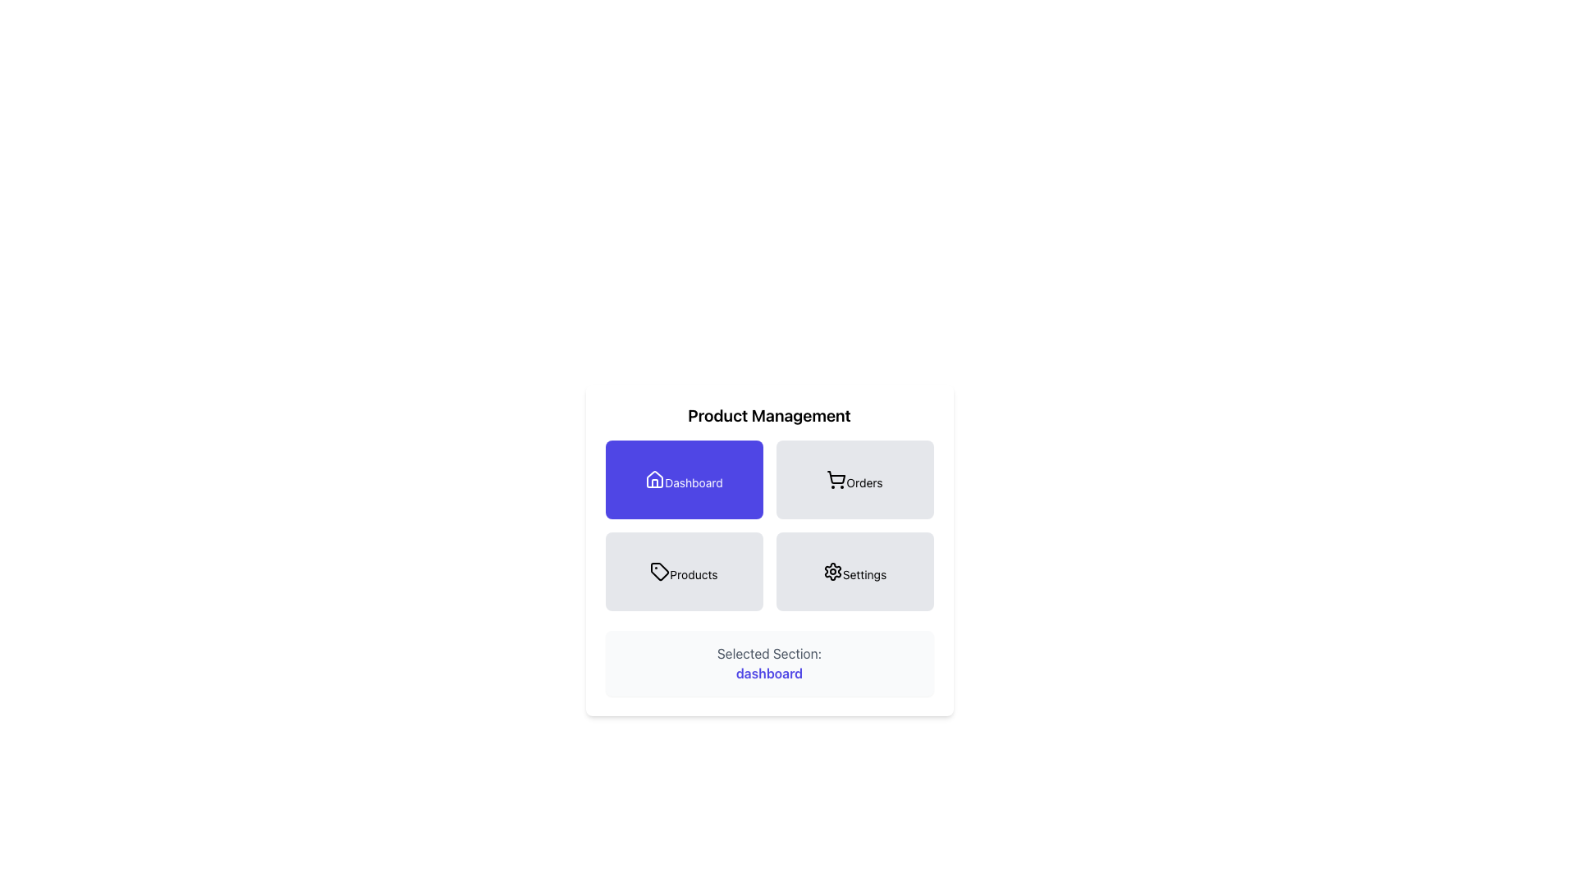 This screenshot has width=1576, height=886. Describe the element at coordinates (694, 574) in the screenshot. I see `the 'Products' text label located in the bottom-left card of the 2x2 grid of menu options` at that location.